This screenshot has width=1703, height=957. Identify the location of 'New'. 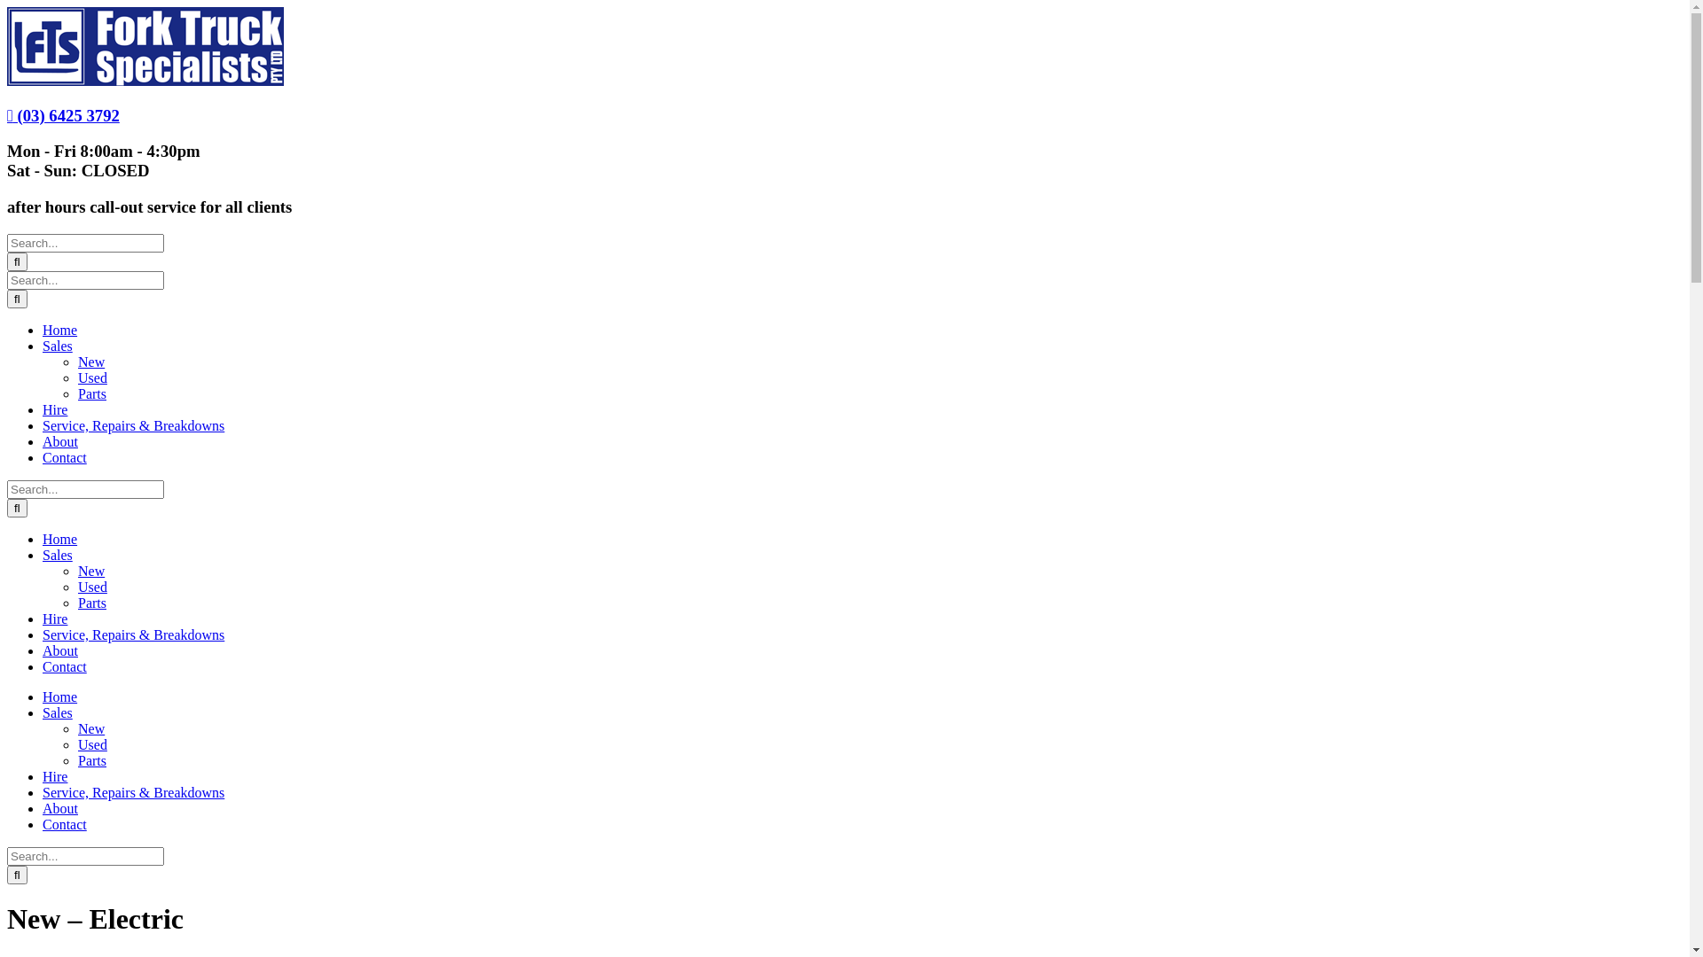
(76, 361).